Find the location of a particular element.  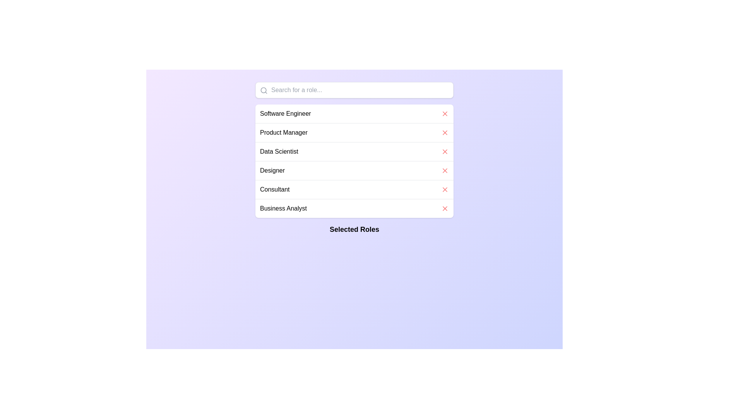

text label that represents an item in a selectable list of roles, specifically the third entry from the top, located between 'Product Manager' and 'Designer' is located at coordinates (279, 152).